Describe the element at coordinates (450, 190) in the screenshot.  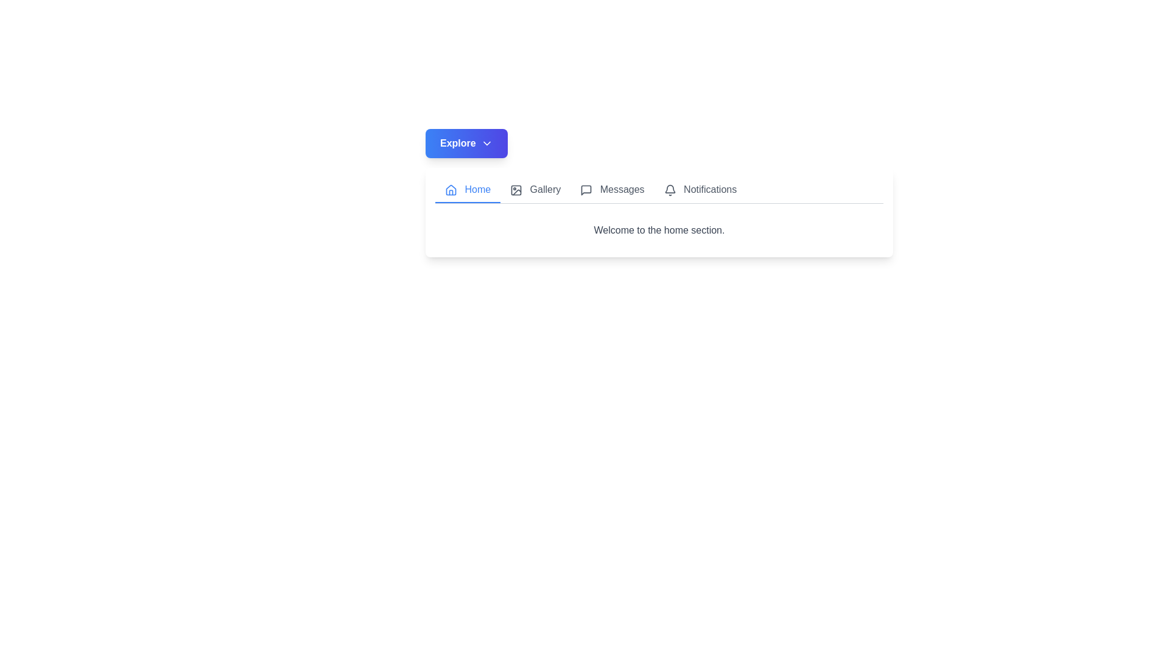
I see `the house-shaped icon representing home in the navigation bar, located just to the left of the 'Home' label` at that location.